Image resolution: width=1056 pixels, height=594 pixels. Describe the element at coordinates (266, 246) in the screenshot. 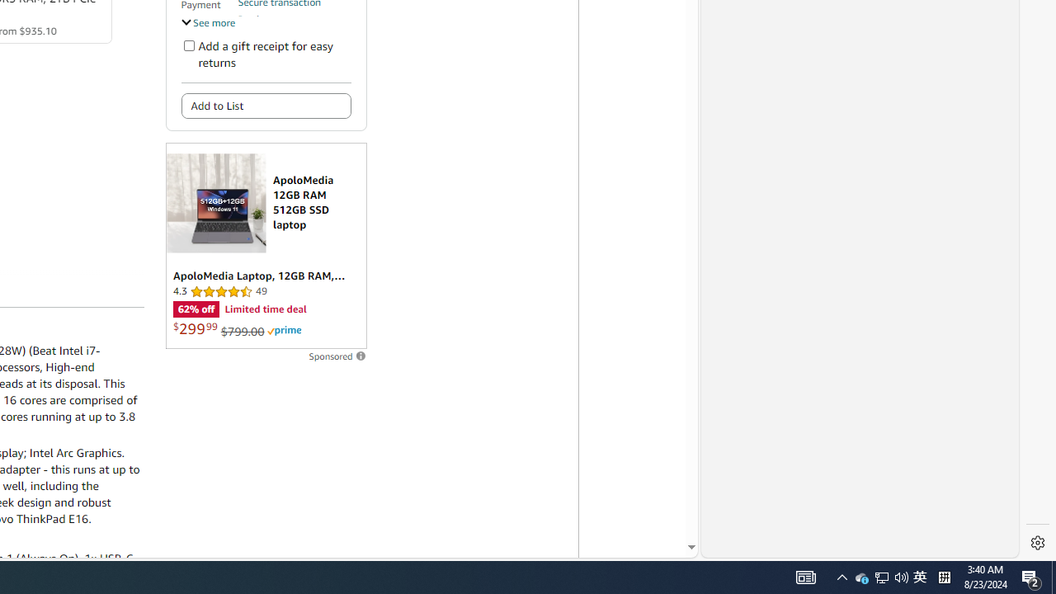

I see `'Sponsored ad'` at that location.